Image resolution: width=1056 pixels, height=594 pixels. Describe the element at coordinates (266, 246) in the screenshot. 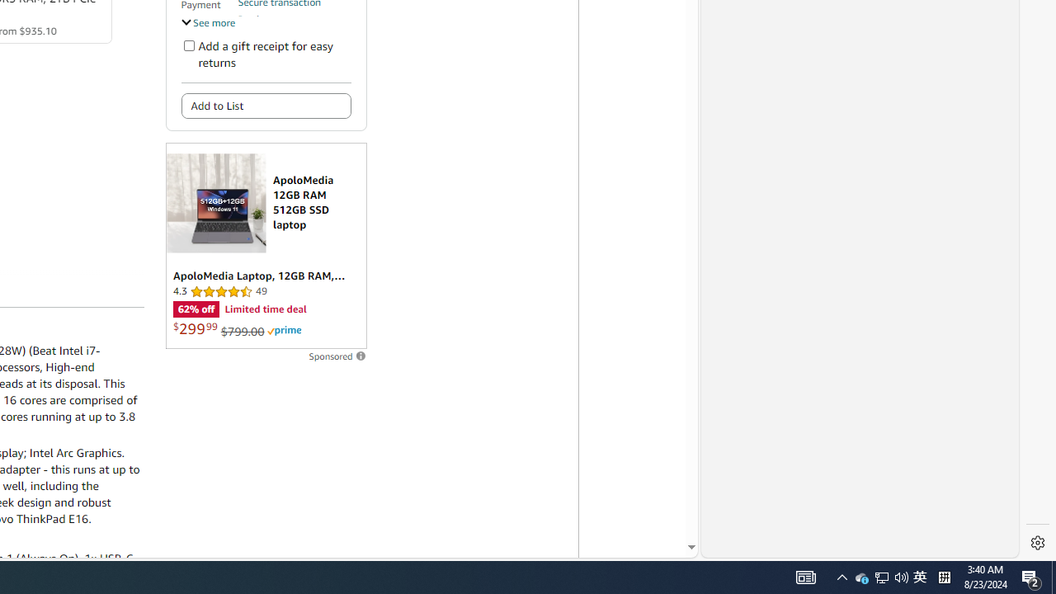

I see `'Sponsored ad'` at that location.